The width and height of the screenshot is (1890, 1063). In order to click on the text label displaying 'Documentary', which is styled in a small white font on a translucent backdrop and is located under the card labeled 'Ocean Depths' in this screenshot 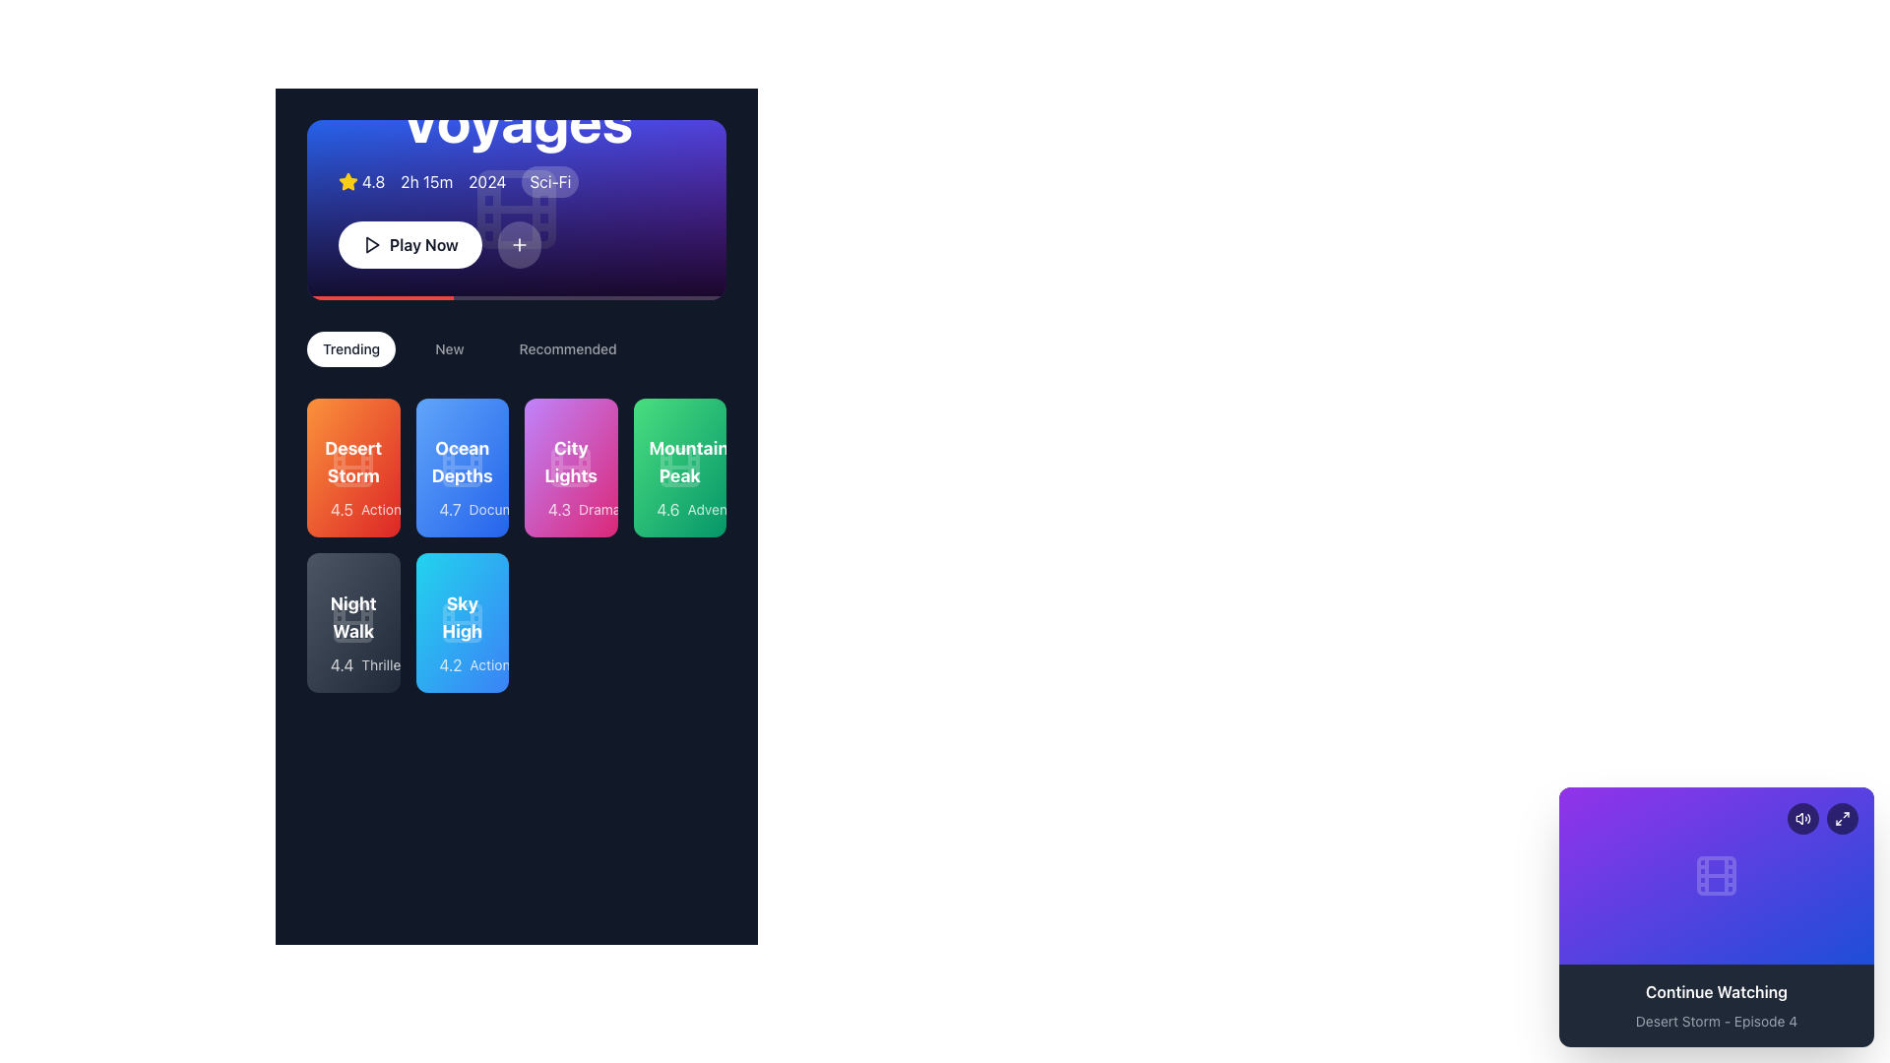, I will do `click(512, 509)`.